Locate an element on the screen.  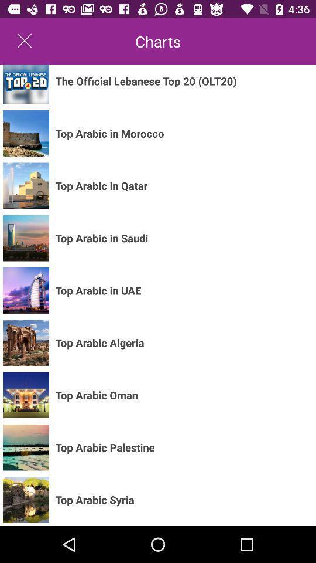
the icon next to the charts is located at coordinates (25, 41).